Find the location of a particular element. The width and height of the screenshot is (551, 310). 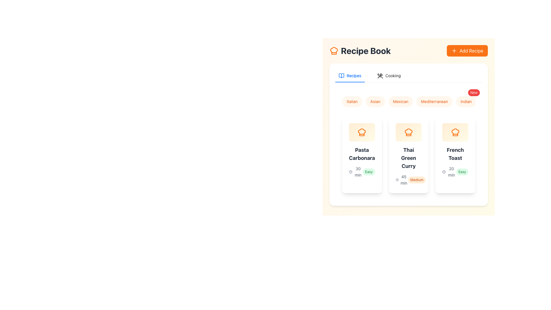

the Tab navigation bar is located at coordinates (408, 75).